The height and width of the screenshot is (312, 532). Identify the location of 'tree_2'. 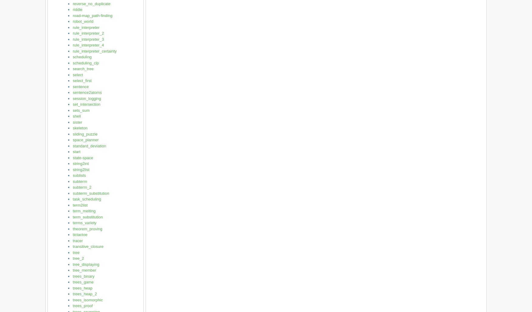
(78, 258).